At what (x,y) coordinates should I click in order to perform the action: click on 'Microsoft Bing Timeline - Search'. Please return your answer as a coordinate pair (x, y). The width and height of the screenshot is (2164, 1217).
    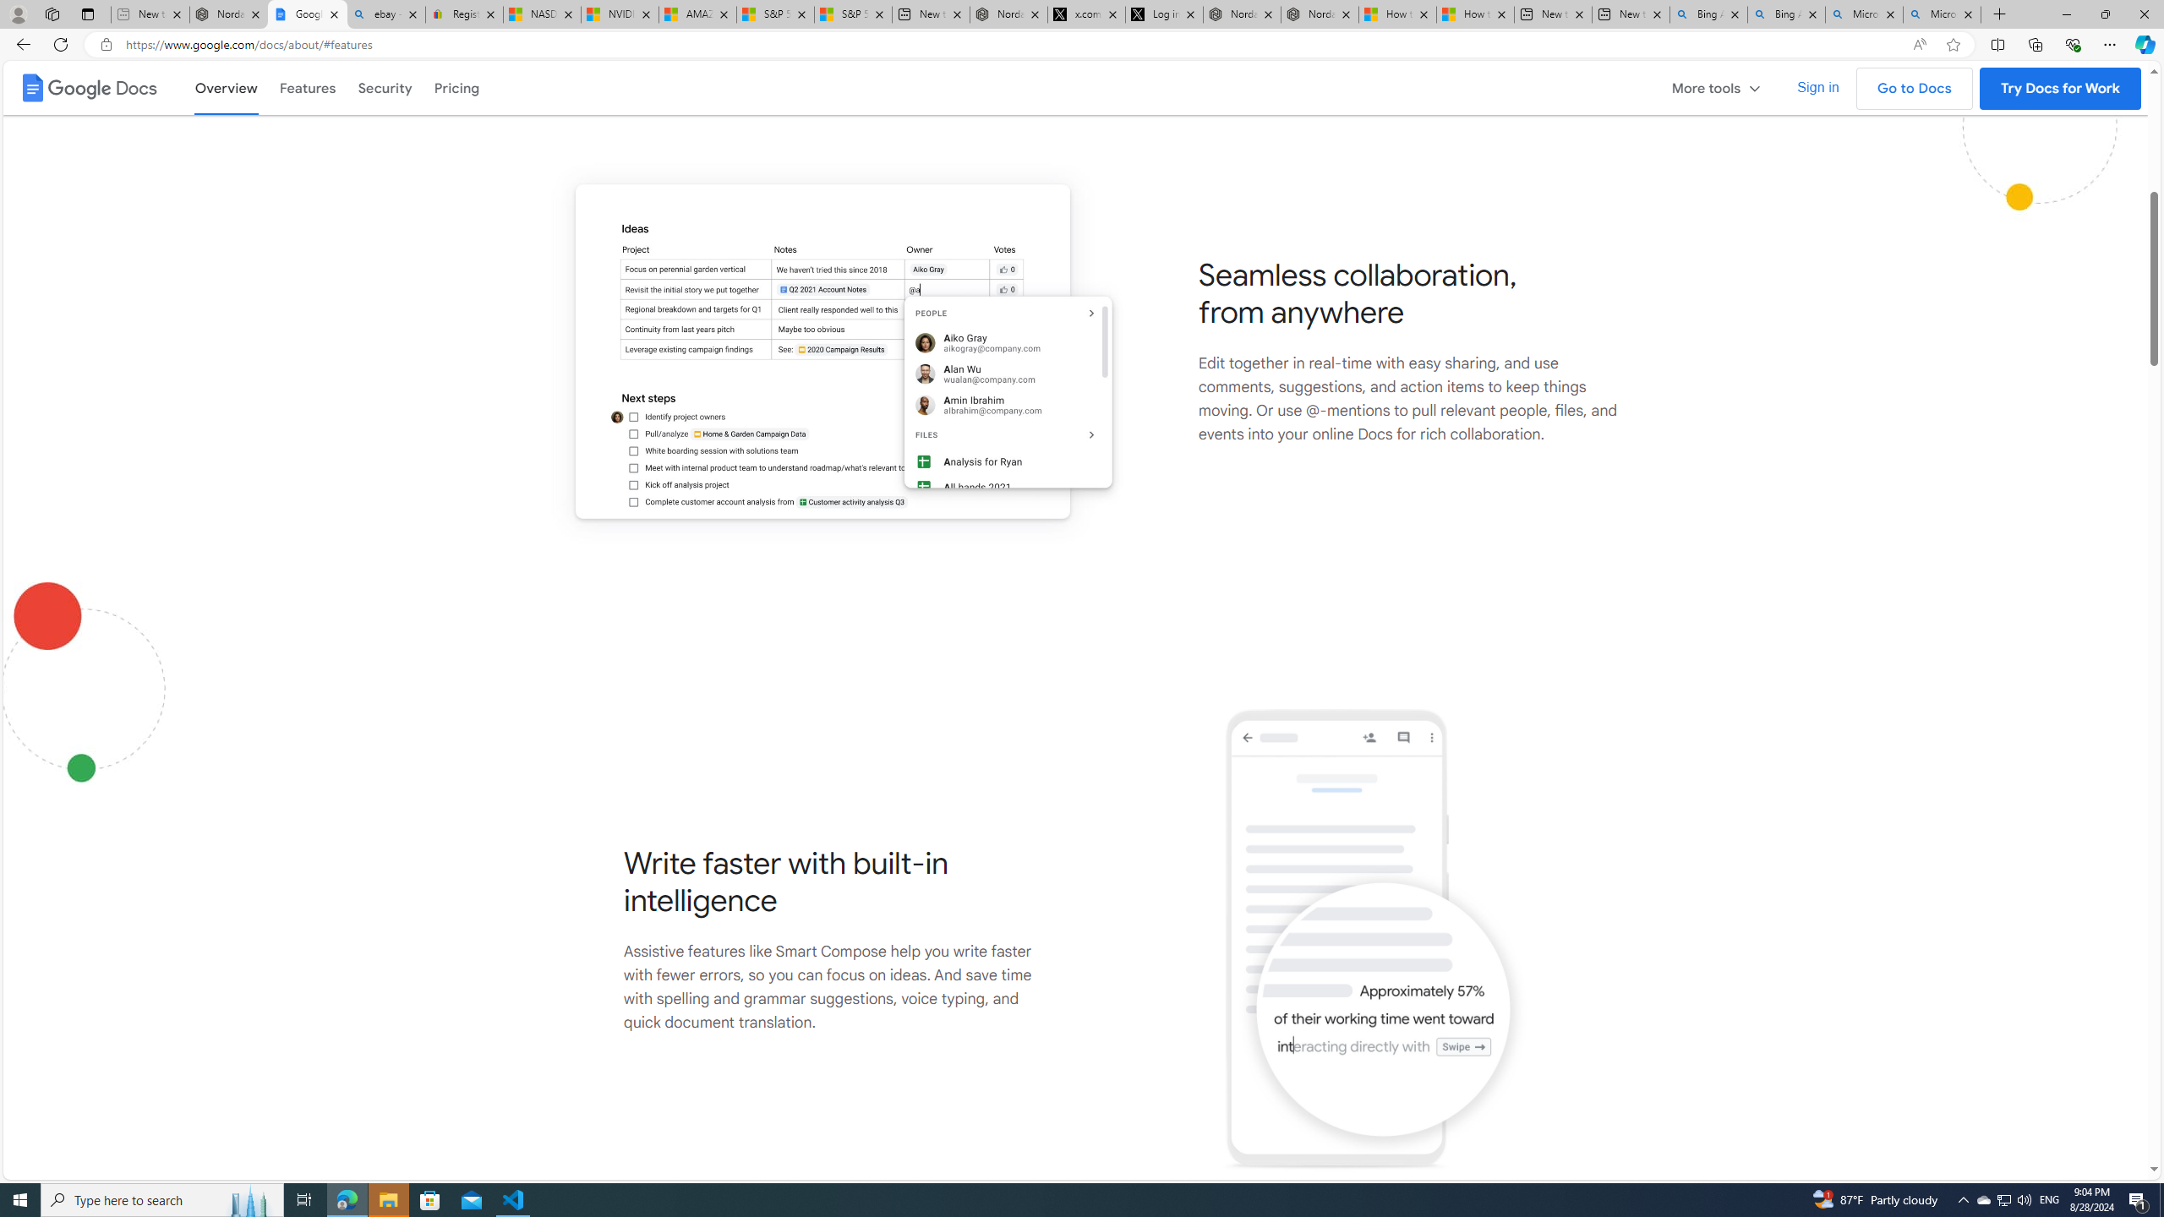
    Looking at the image, I should click on (1941, 14).